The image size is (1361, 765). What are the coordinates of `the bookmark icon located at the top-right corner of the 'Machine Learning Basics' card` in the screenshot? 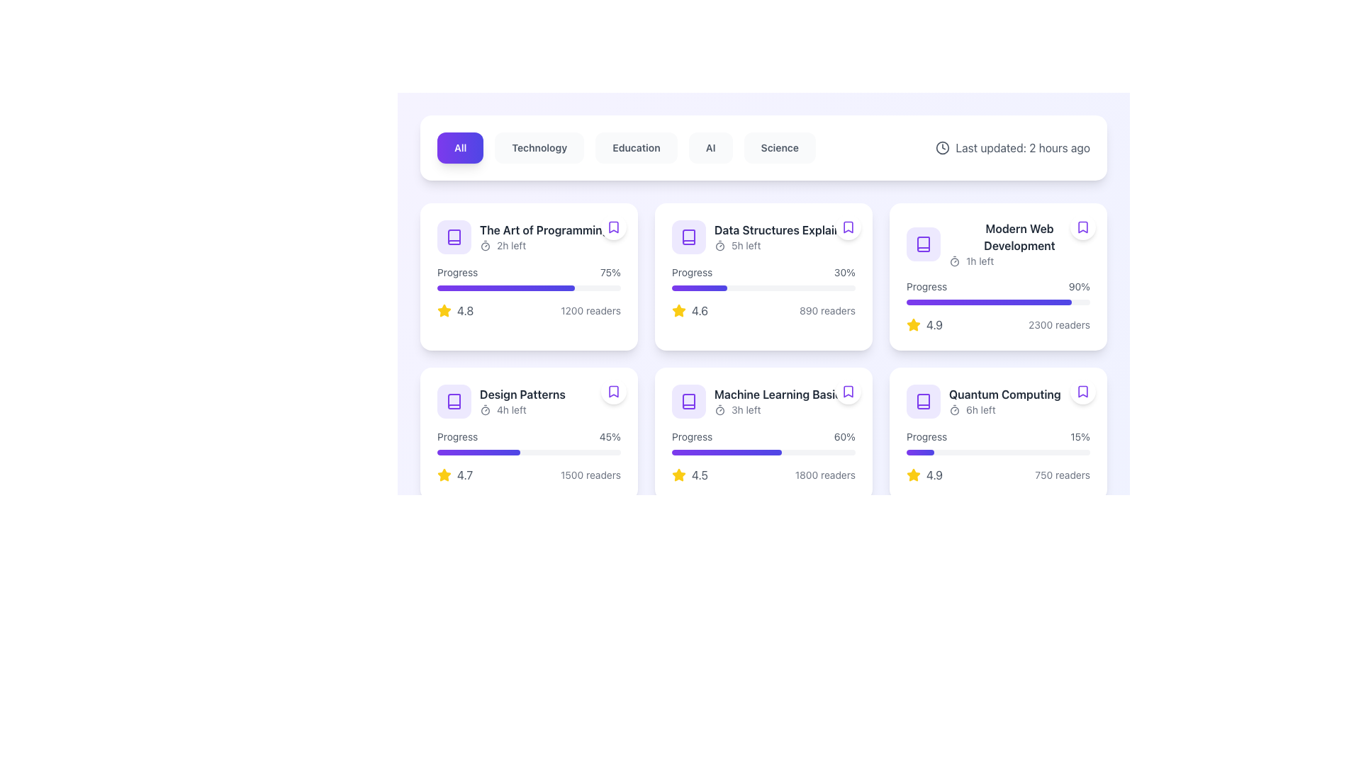 It's located at (848, 391).